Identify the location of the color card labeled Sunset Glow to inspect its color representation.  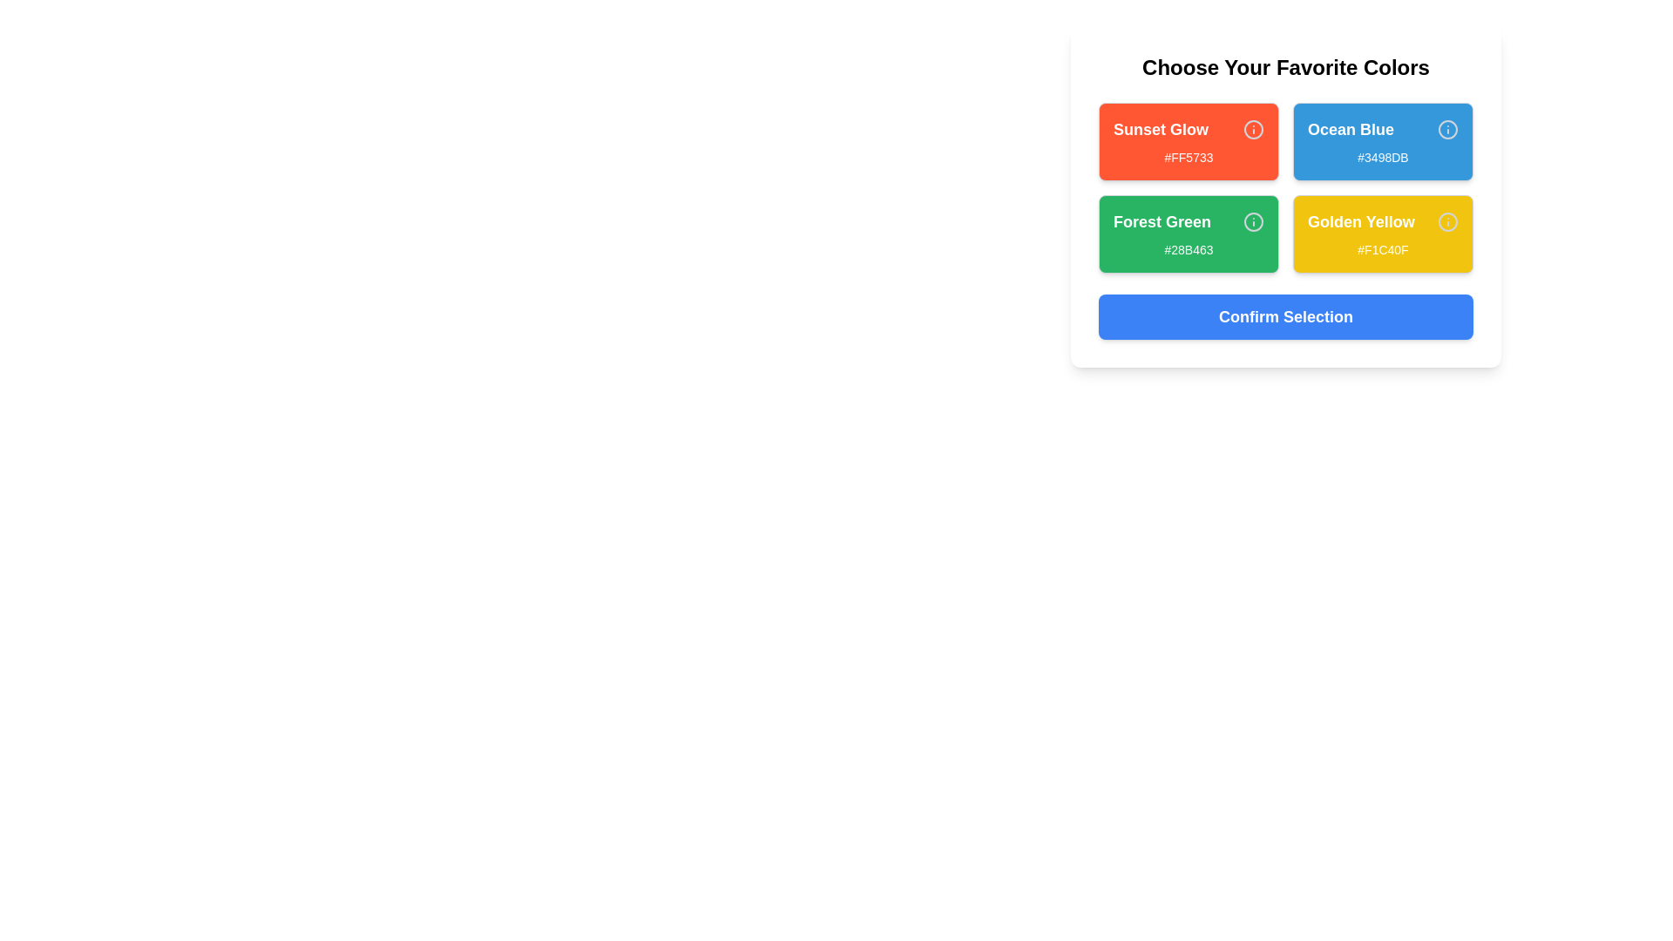
(1188, 140).